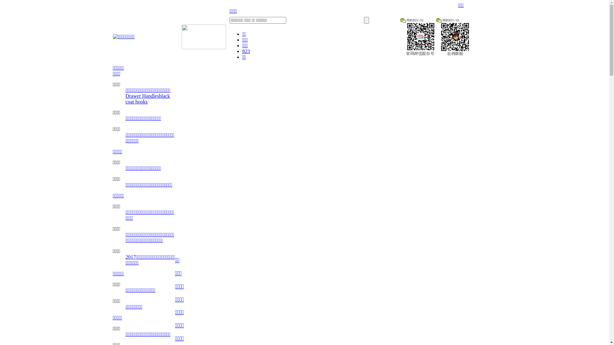 The width and height of the screenshot is (614, 345). Describe the element at coordinates (147, 99) in the screenshot. I see `'black coat hooks'` at that location.